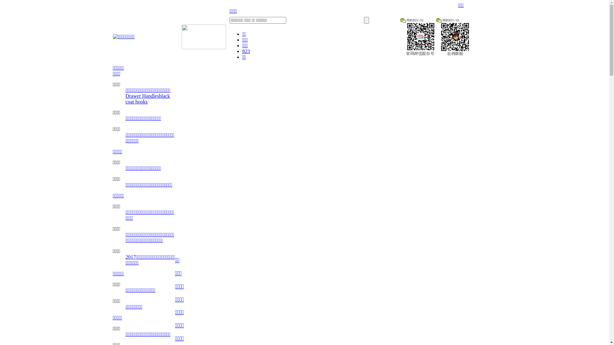 The width and height of the screenshot is (614, 345). Describe the element at coordinates (147, 99) in the screenshot. I see `'black coat hooks'` at that location.